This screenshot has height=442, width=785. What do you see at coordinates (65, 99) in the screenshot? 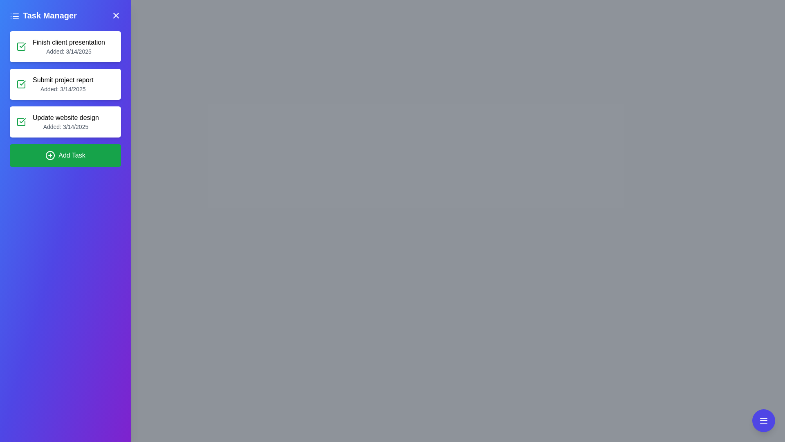
I see `the second item in the Task Manager list, which contains a green check icon, bold black text 'Submit project report', and smaller gray text 'Added: 3/14/2025'` at bounding box center [65, 99].